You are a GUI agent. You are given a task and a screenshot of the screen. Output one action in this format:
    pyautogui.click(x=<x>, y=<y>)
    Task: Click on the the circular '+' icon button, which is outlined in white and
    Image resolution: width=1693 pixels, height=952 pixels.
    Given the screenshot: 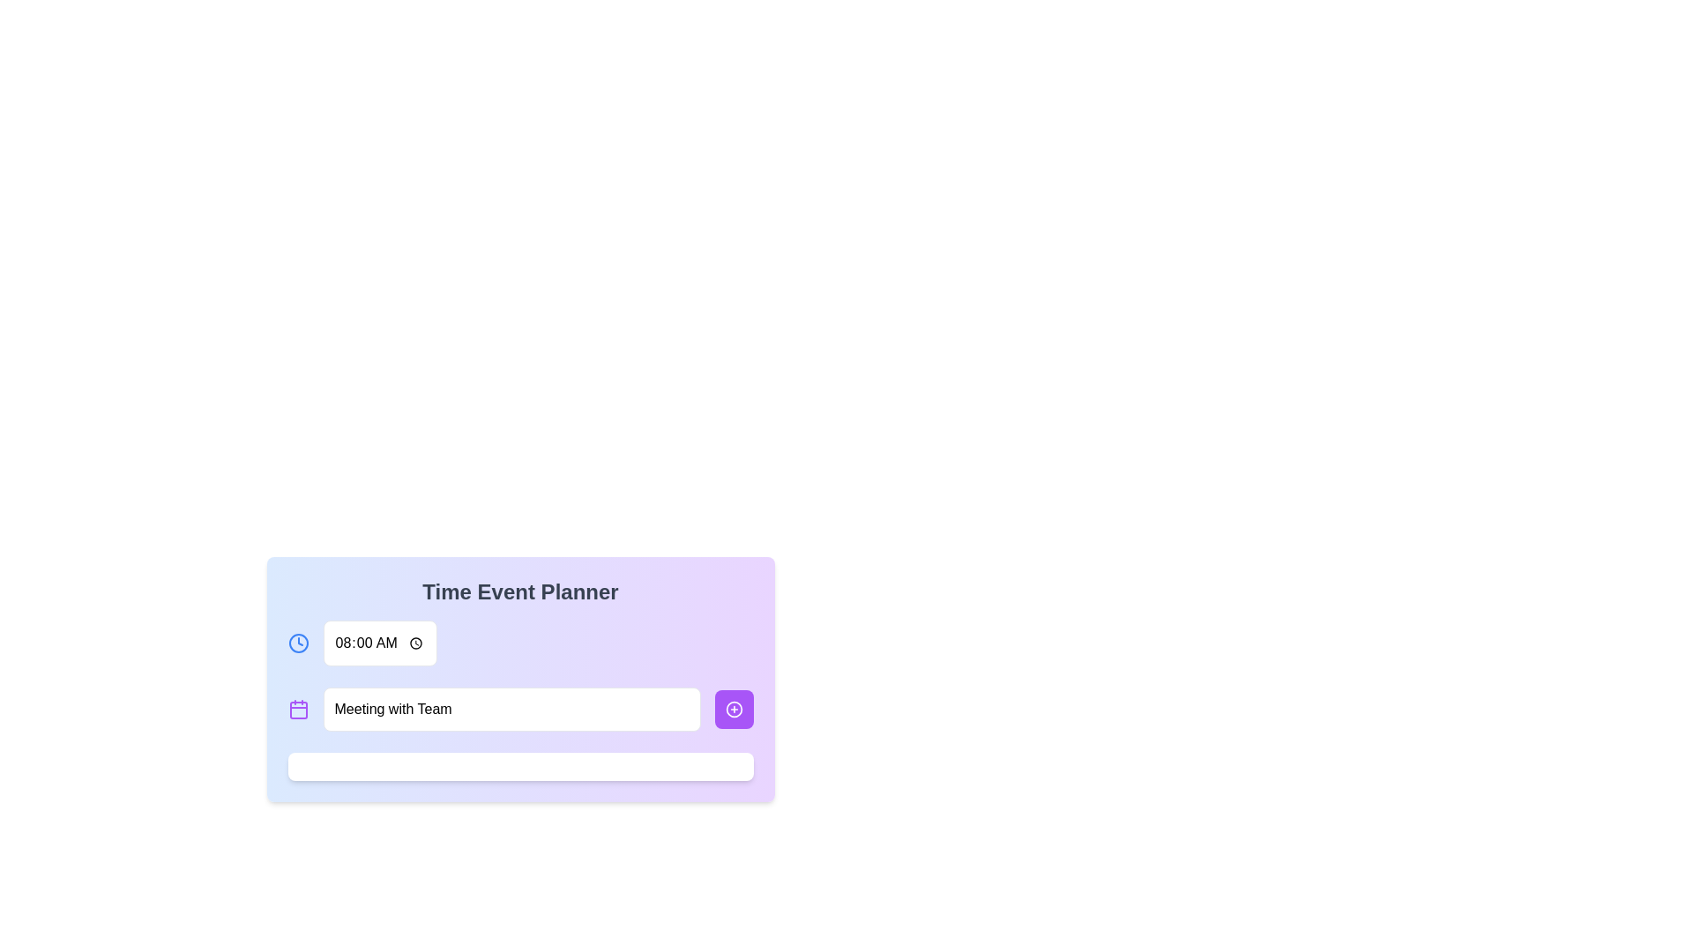 What is the action you would take?
    pyautogui.click(x=734, y=709)
    